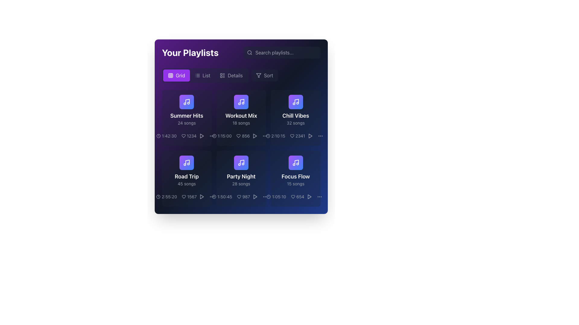 Image resolution: width=579 pixels, height=325 pixels. I want to click on the circular interactive button with a gray background and ellipsis icon, so click(265, 136).